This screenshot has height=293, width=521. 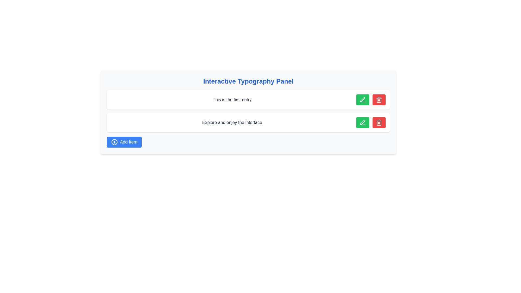 What do you see at coordinates (379, 122) in the screenshot?
I see `the delete button located on the far-right side of the second entry row in the list to observe the hover effect` at bounding box center [379, 122].